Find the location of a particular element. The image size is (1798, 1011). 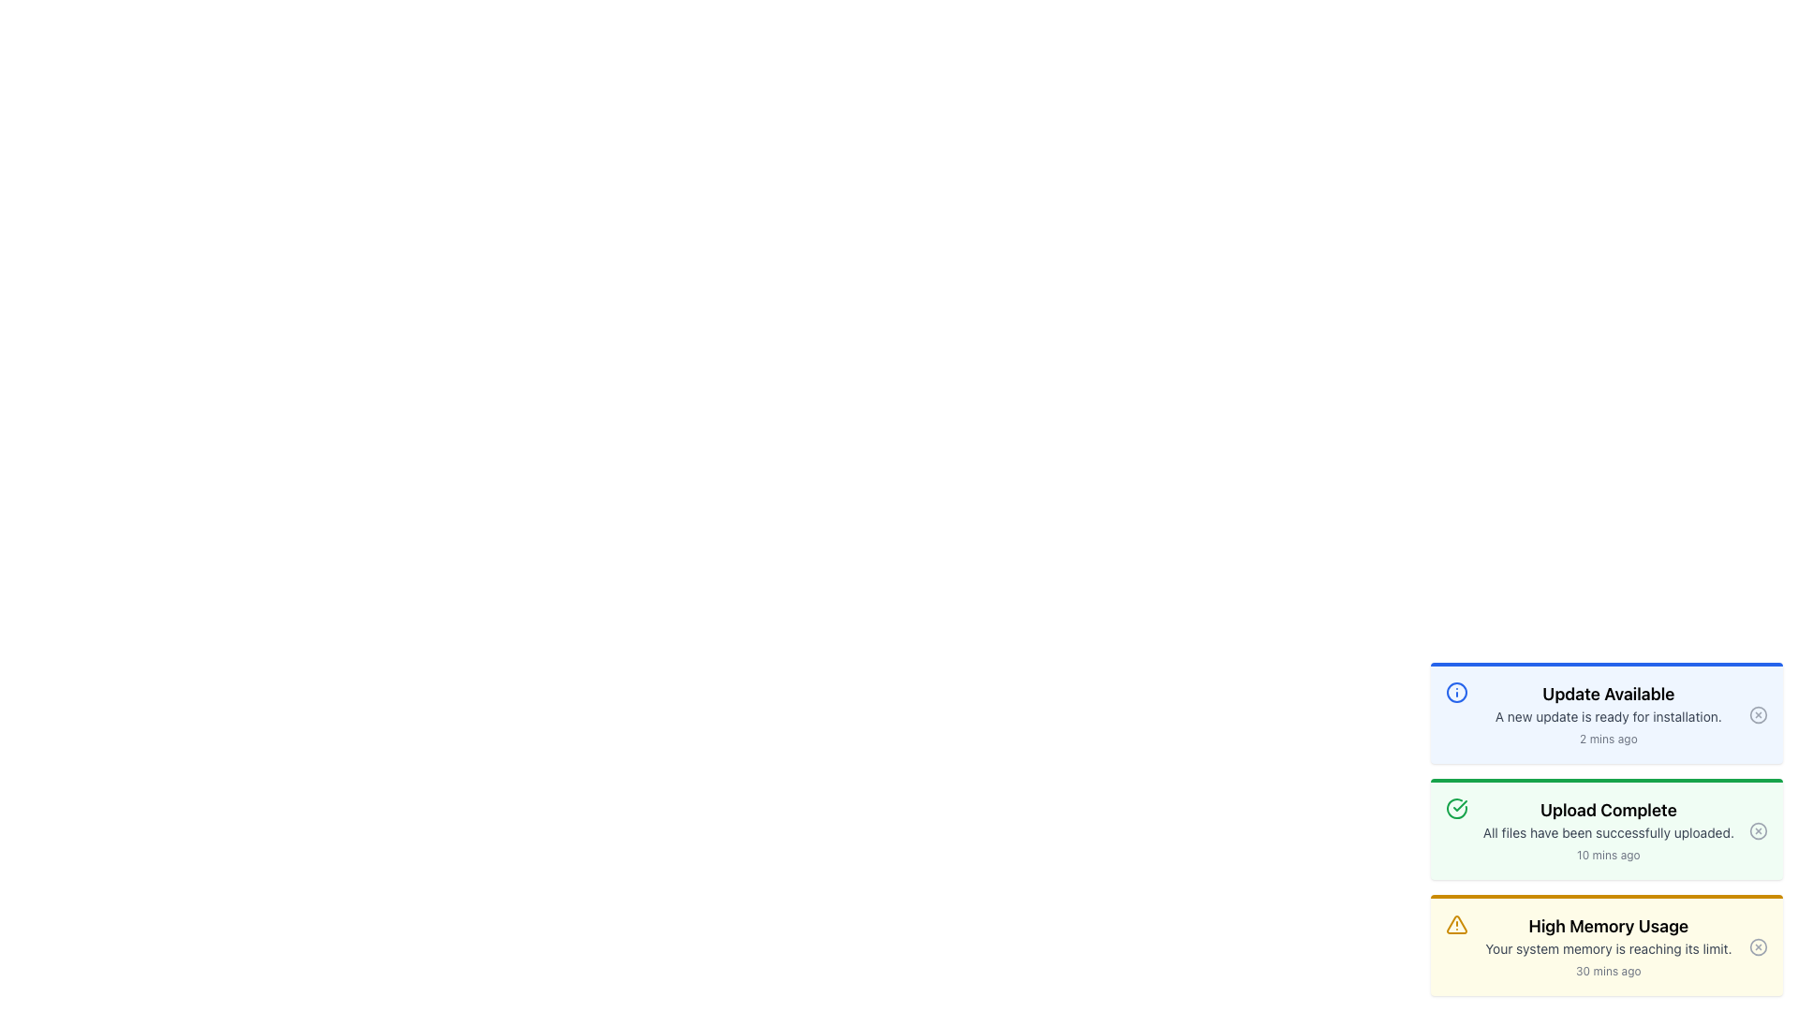

the notification text block that contains the title 'Update Available', the message 'A new update is ready for installation.', and the timestamp '2 mins ago', which is located in the bottom-right quadrant of the interface is located at coordinates (1607, 714).